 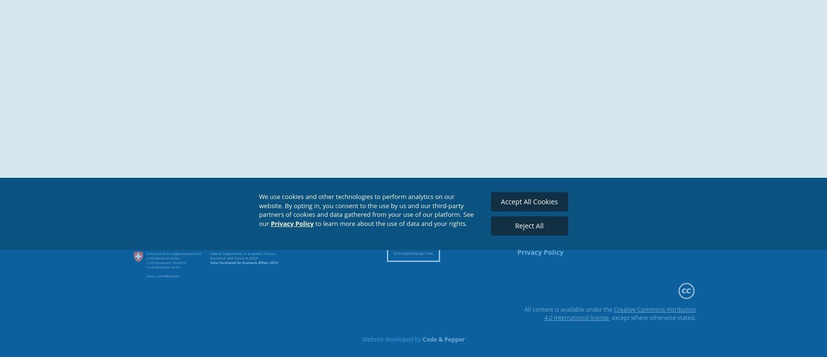 What do you see at coordinates (526, 223) in the screenshot?
I see `'EMAIL'` at bounding box center [526, 223].